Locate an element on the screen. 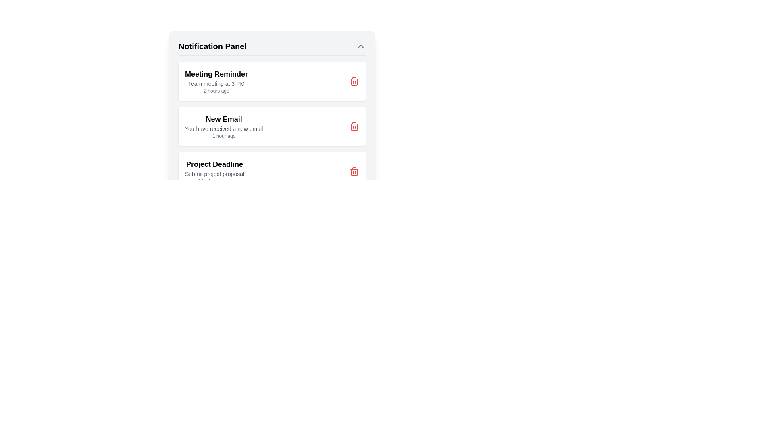 The height and width of the screenshot is (435, 774). the timestamp label indicating the 'Meeting Reminder' notification created or modified two hours ago, which is the last line in the notification block is located at coordinates (216, 91).